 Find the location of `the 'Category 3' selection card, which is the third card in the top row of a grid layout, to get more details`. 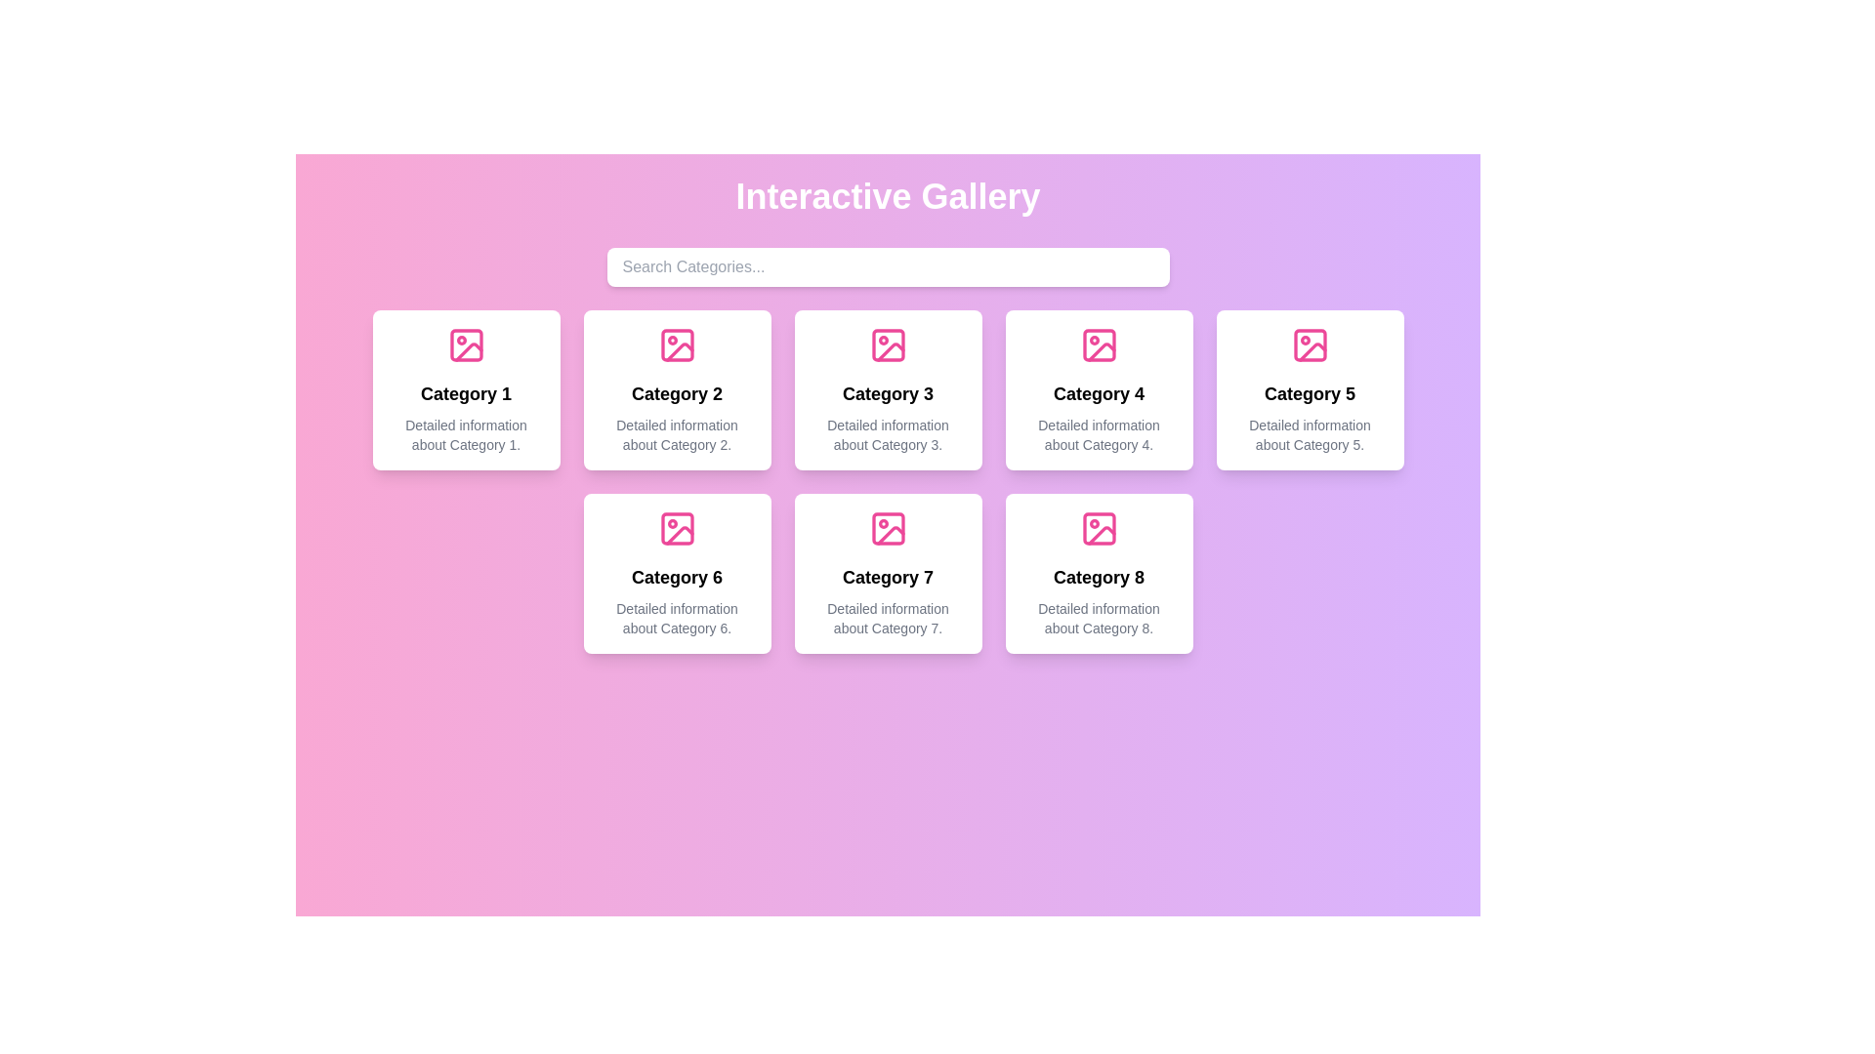

the 'Category 3' selection card, which is the third card in the top row of a grid layout, to get more details is located at coordinates (887, 390).